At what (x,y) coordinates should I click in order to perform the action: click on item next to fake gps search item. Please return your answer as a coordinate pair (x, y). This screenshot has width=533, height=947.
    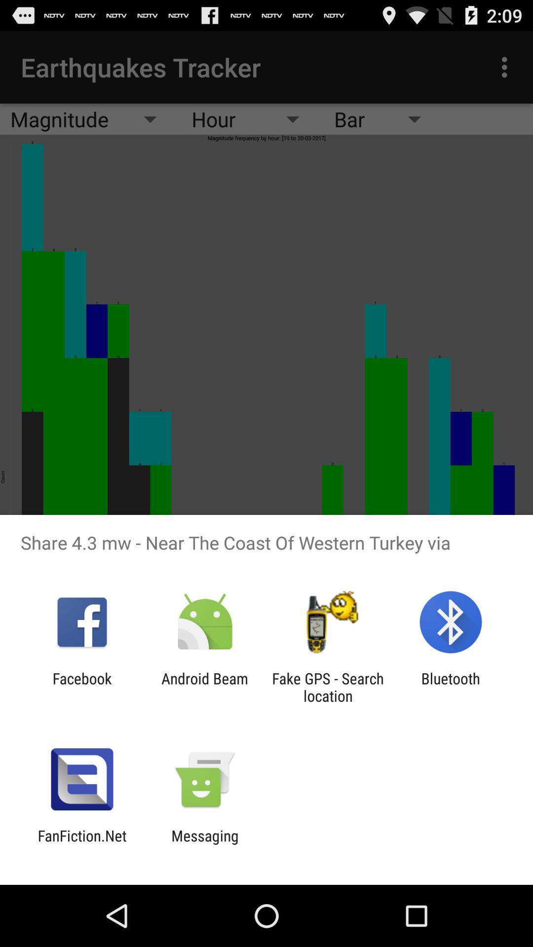
    Looking at the image, I should click on (451, 687).